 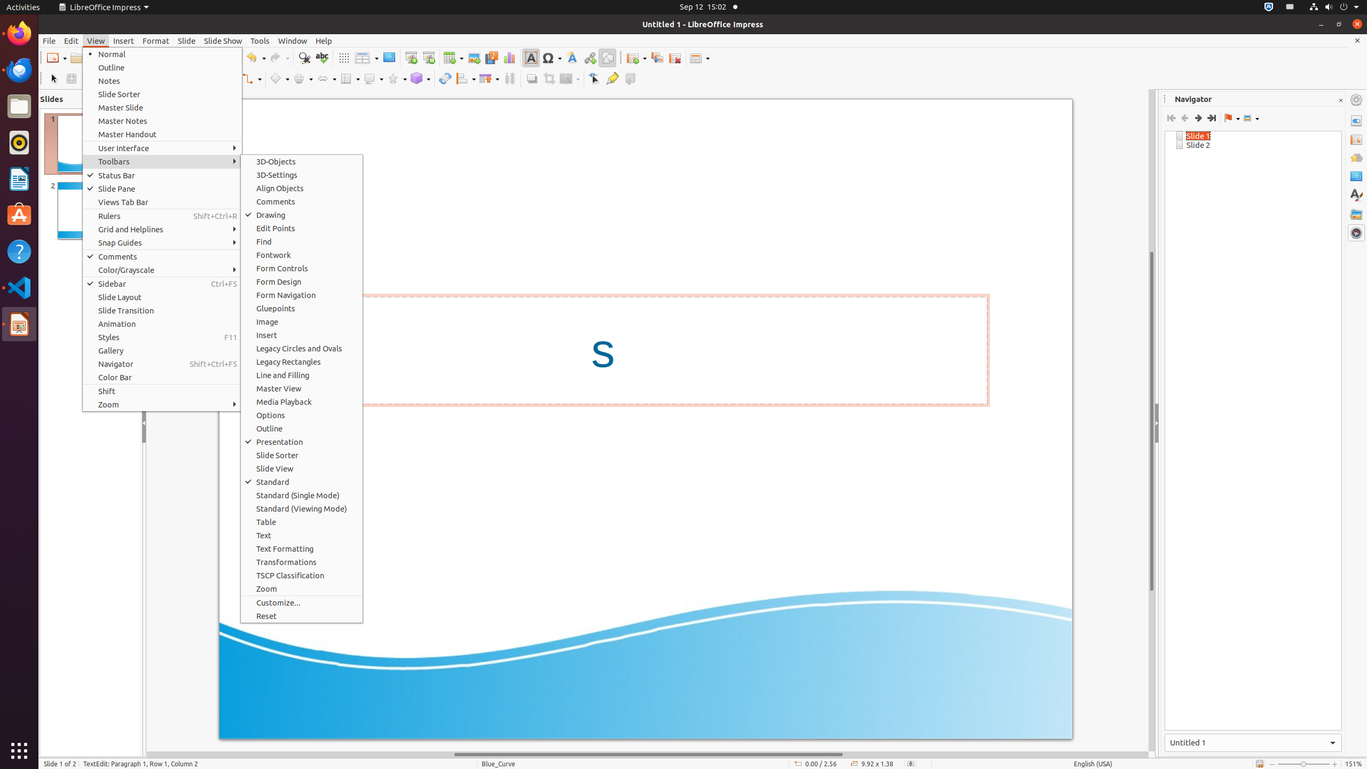 What do you see at coordinates (1184, 118) in the screenshot?
I see `'Previous Slide'` at bounding box center [1184, 118].